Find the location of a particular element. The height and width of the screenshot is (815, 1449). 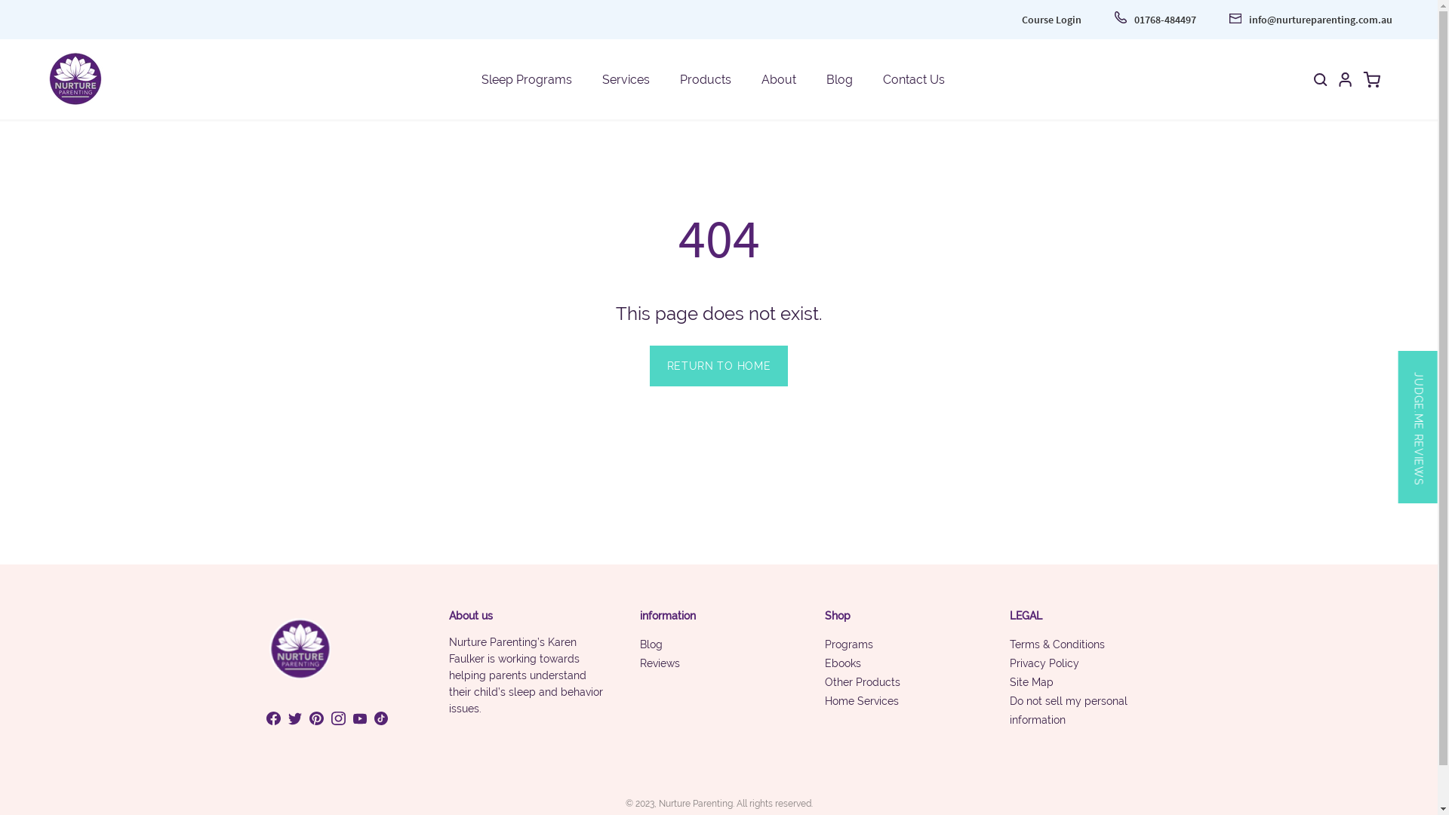

'View Nurture Parenting Shop on Facebook' is located at coordinates (272, 718).